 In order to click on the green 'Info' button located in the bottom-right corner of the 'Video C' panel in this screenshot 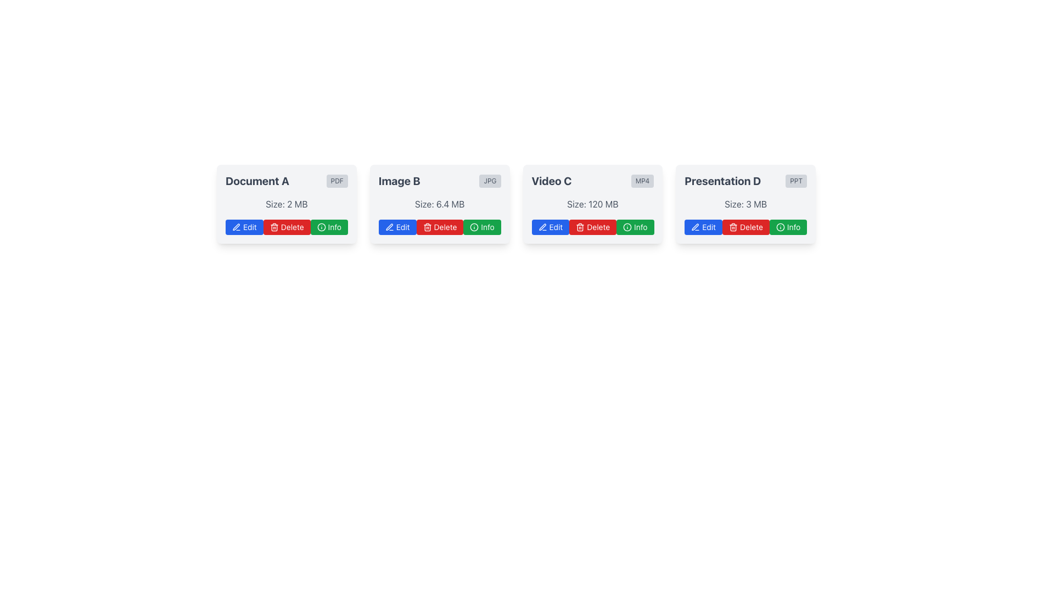, I will do `click(635, 226)`.